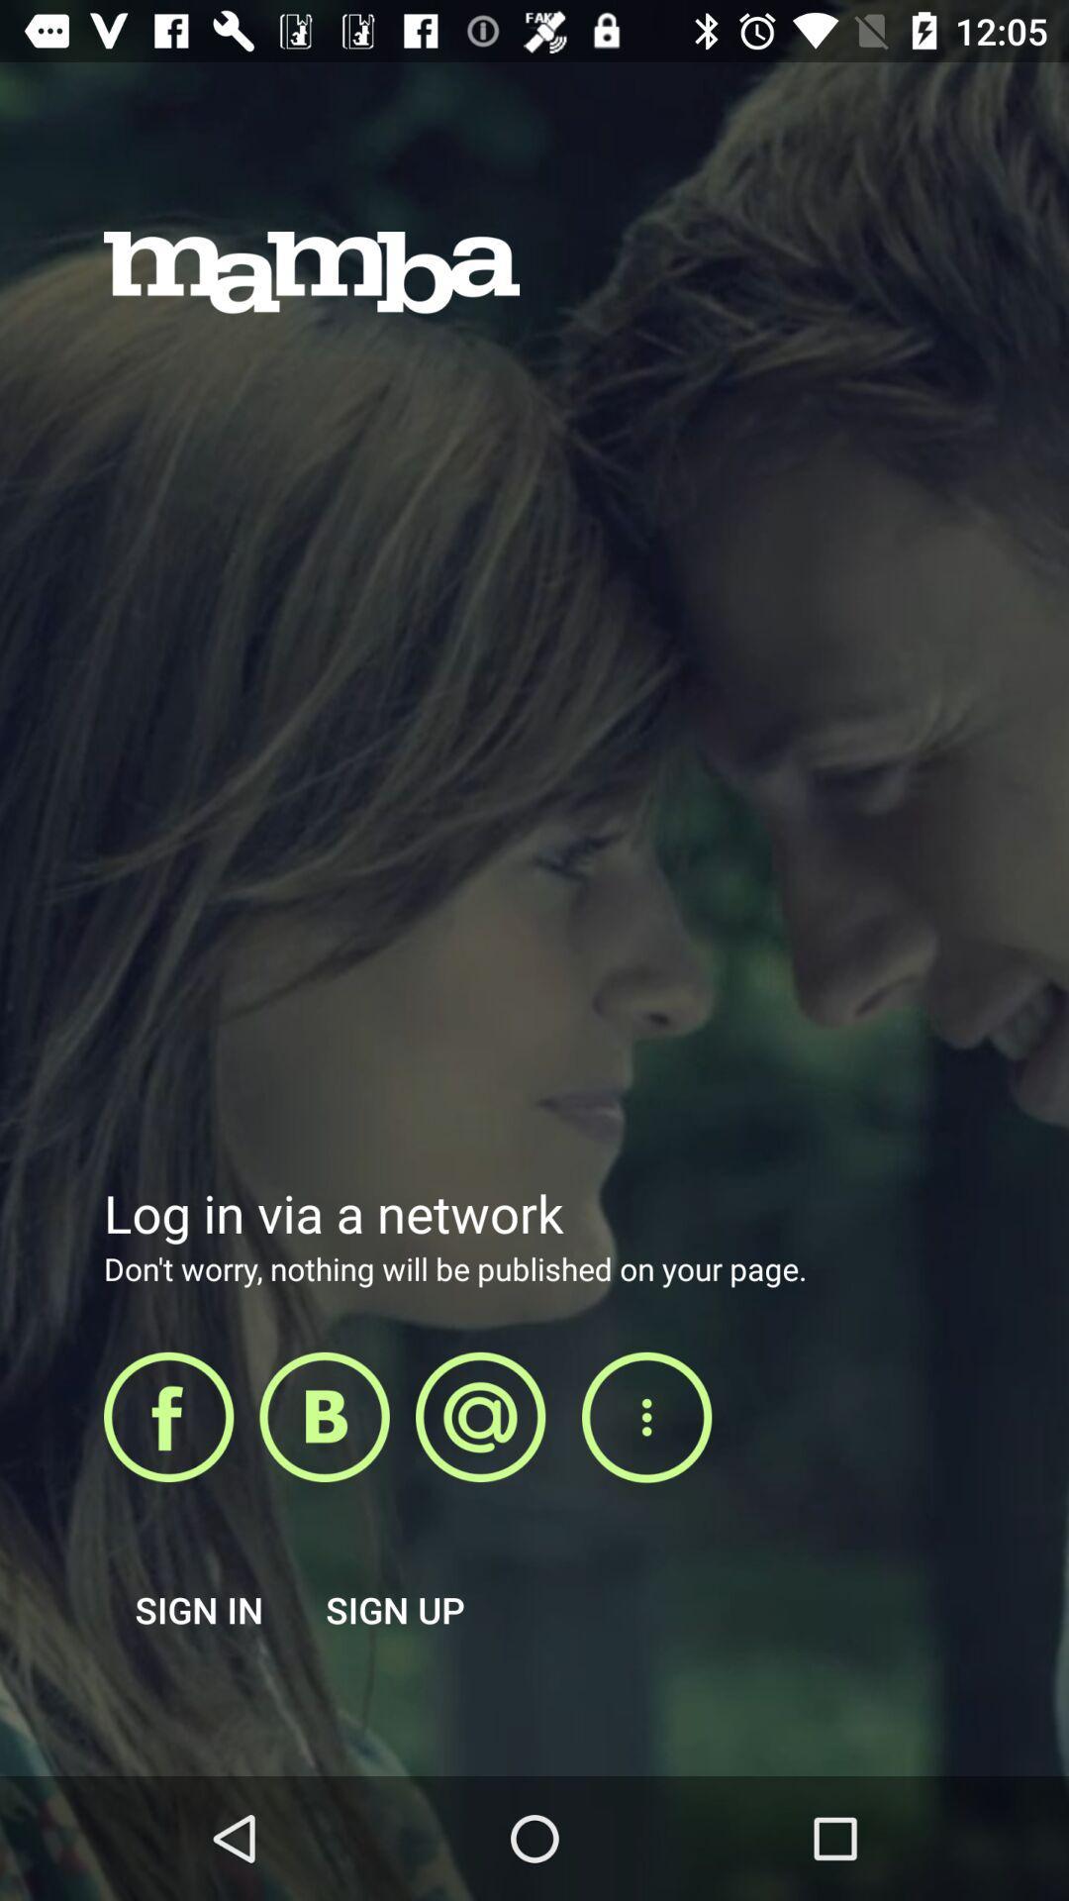 The width and height of the screenshot is (1069, 1901). Describe the element at coordinates (167, 1416) in the screenshot. I see `login with facebook` at that location.